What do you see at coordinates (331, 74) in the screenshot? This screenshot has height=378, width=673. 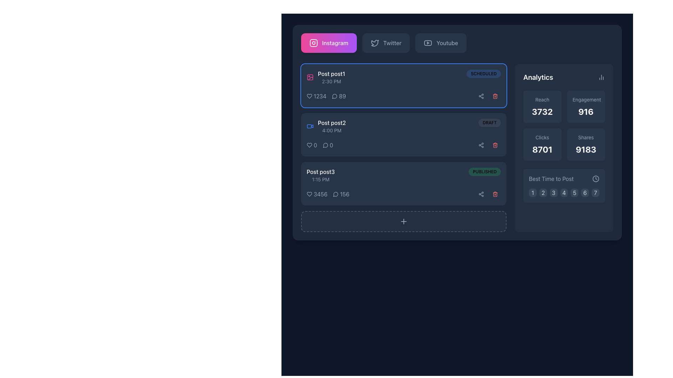 I see `the text label at the top-left side of the group card that contains the title or identifier of the post` at bounding box center [331, 74].